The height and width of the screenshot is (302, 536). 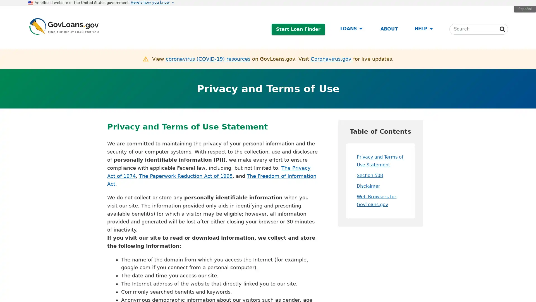 What do you see at coordinates (380, 175) in the screenshot?
I see `Section 508` at bounding box center [380, 175].